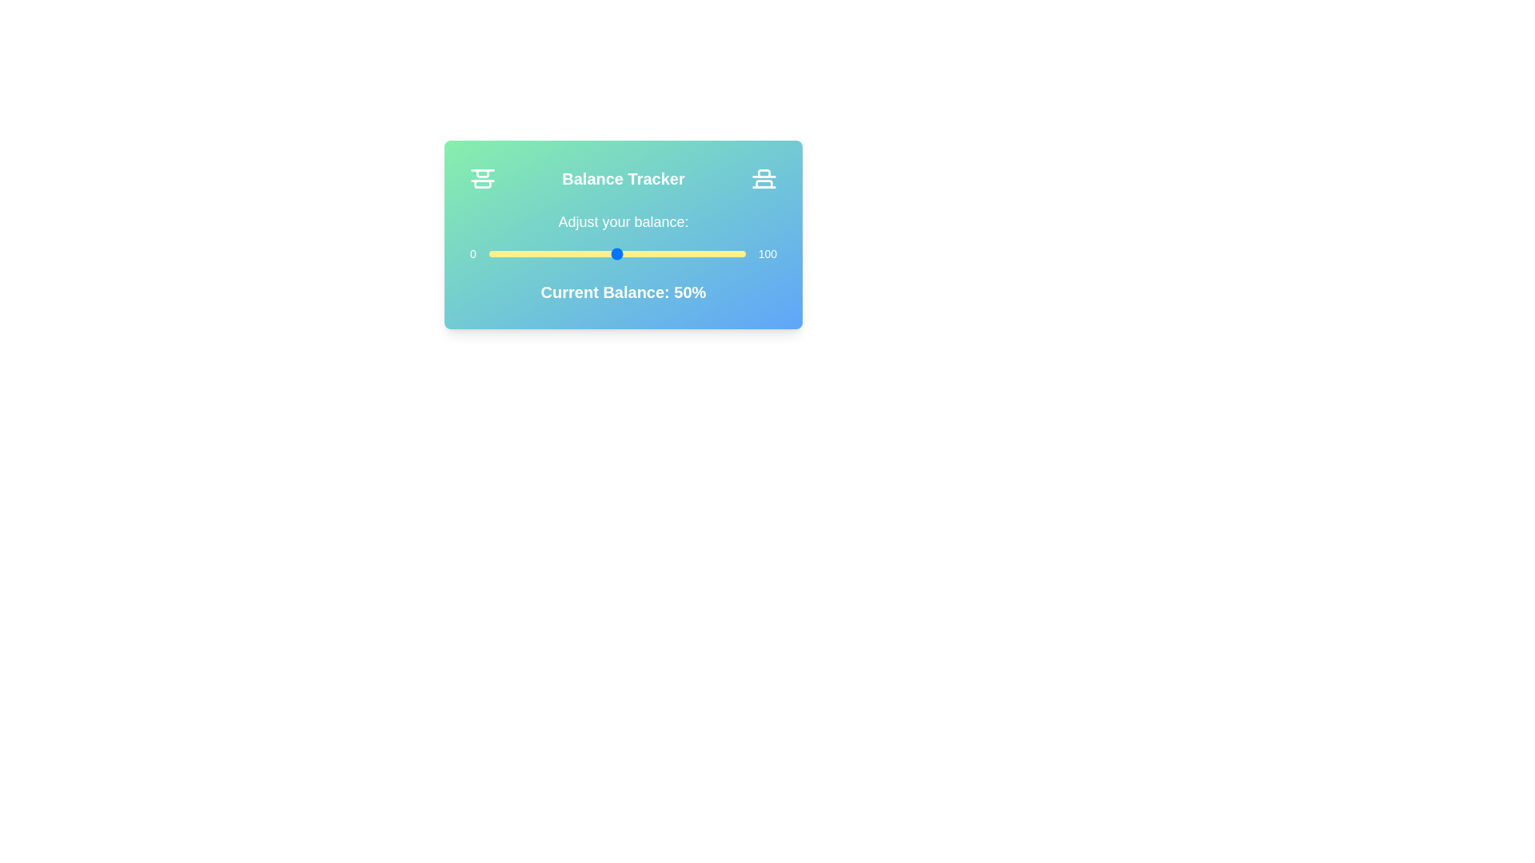  I want to click on the right icon in the BalanceTracker component, so click(763, 178).